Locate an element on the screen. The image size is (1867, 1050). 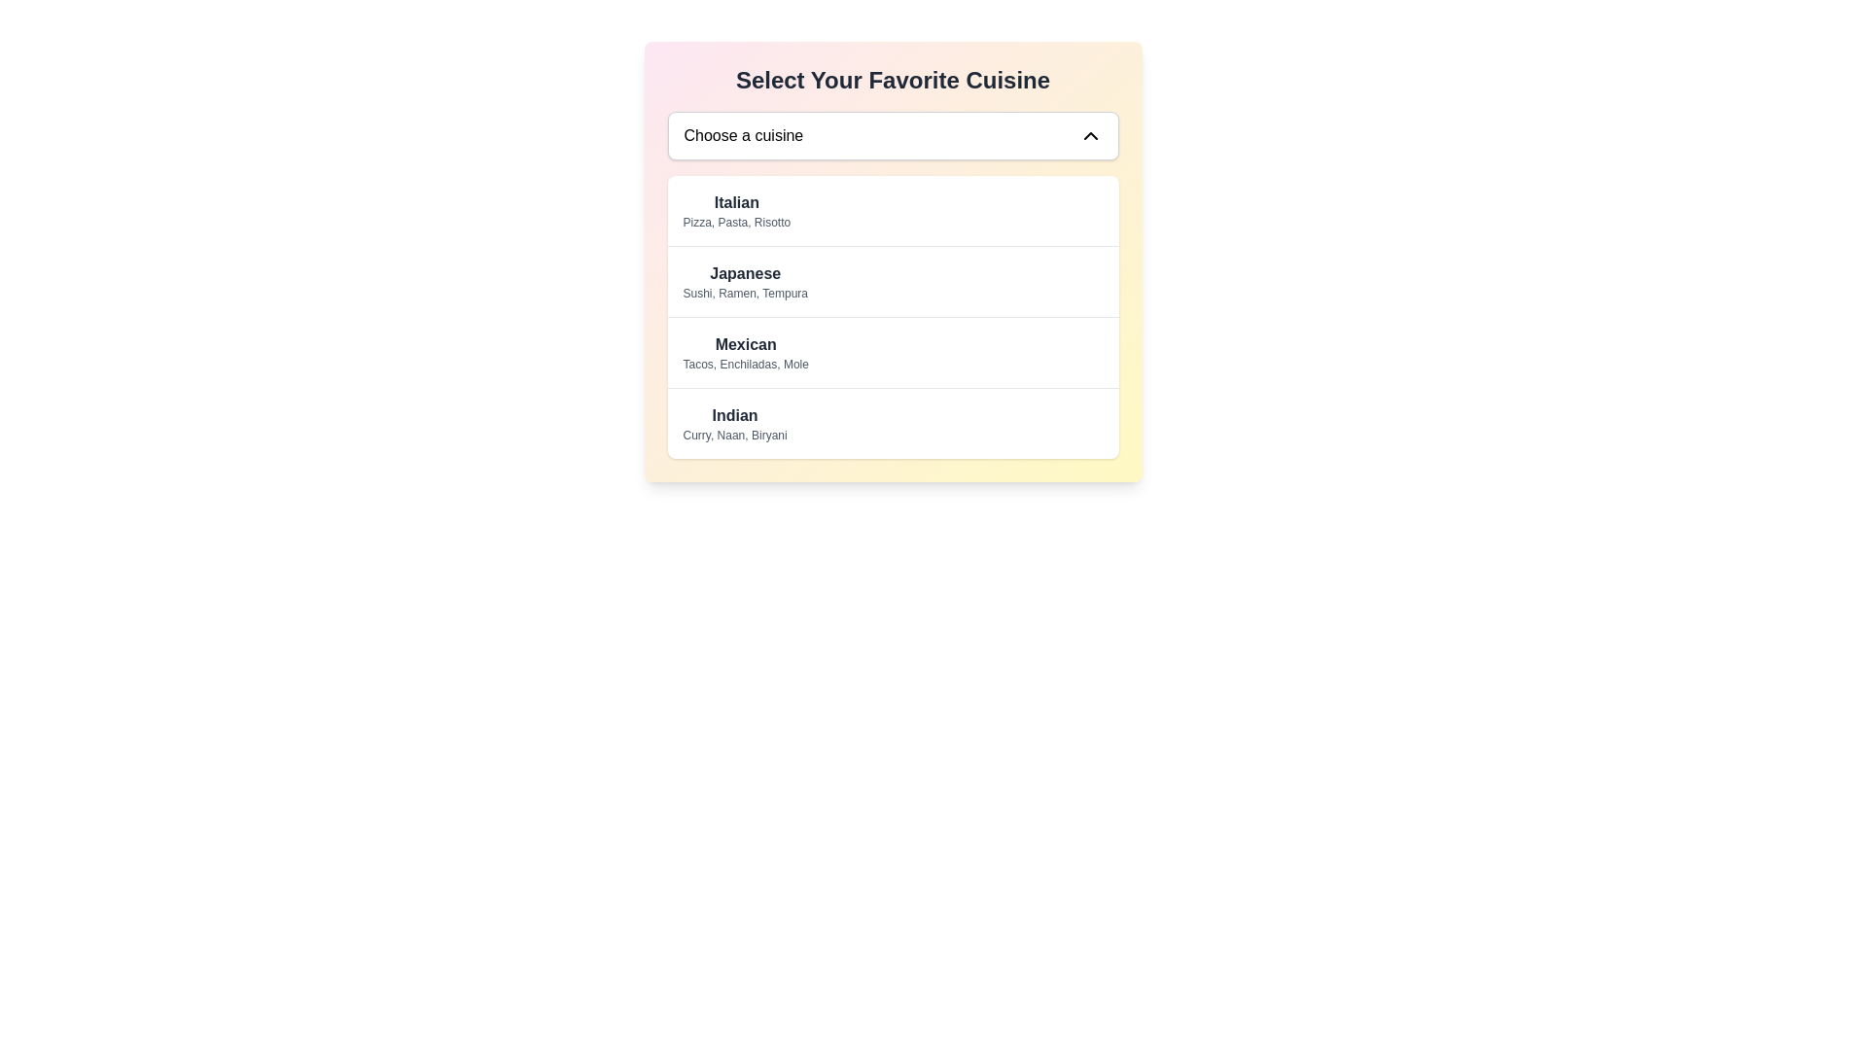
the 'Japanese' cuisine category selector item, which is the second item in the dropdown menu of cuisine options is located at coordinates (892, 281).